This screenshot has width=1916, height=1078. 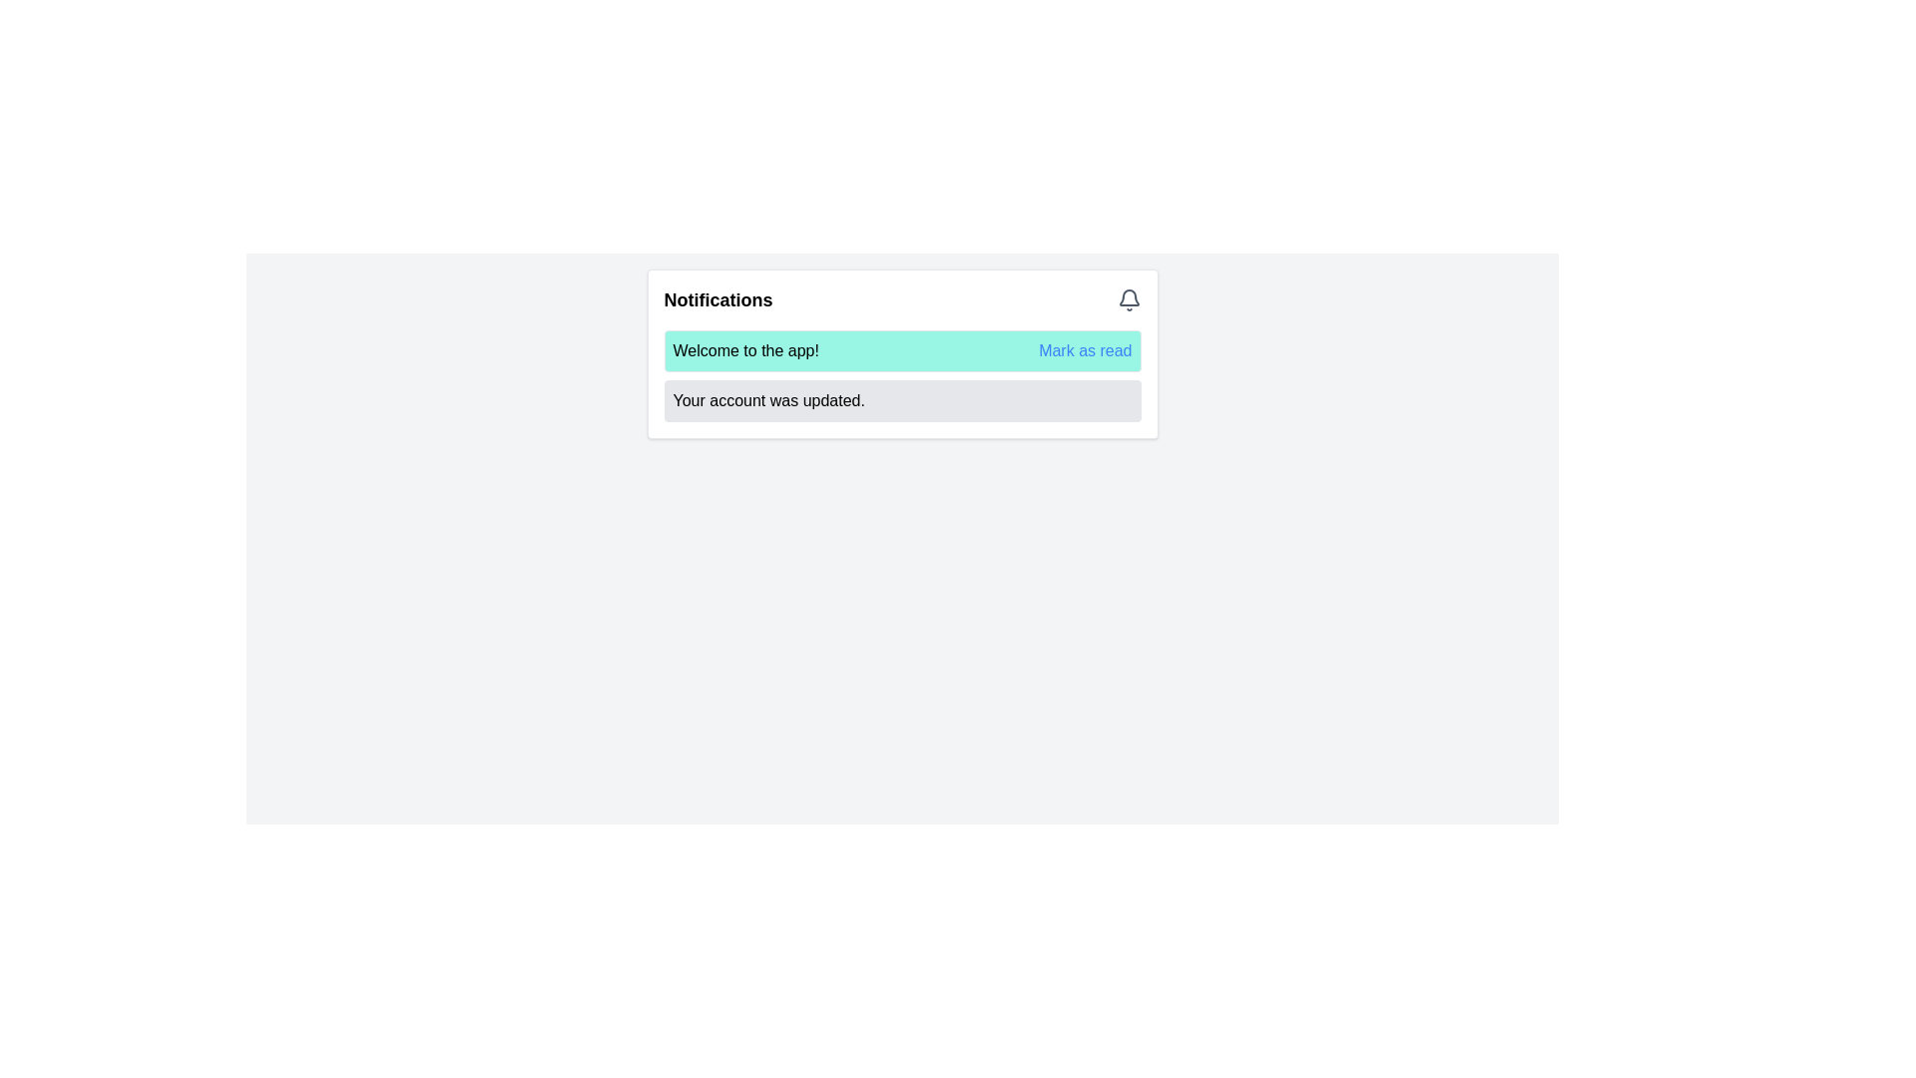 What do you see at coordinates (901, 352) in the screenshot?
I see `the first notification card in the upper half of the notification list to mark it as read` at bounding box center [901, 352].